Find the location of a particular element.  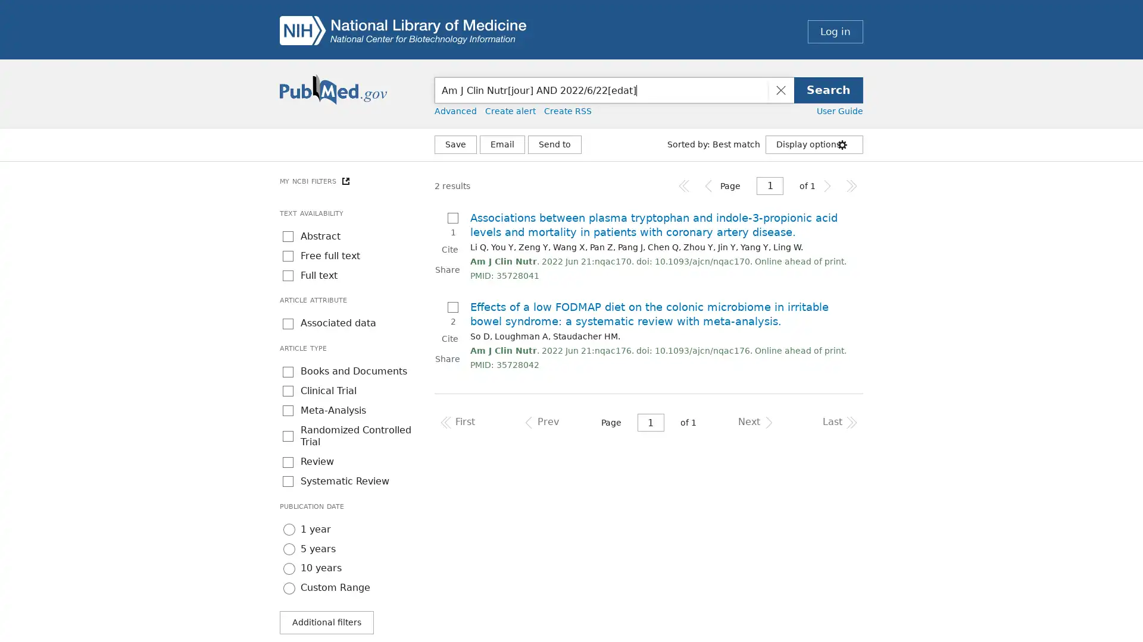

Navigates to the previous page of results. is located at coordinates (708, 185).